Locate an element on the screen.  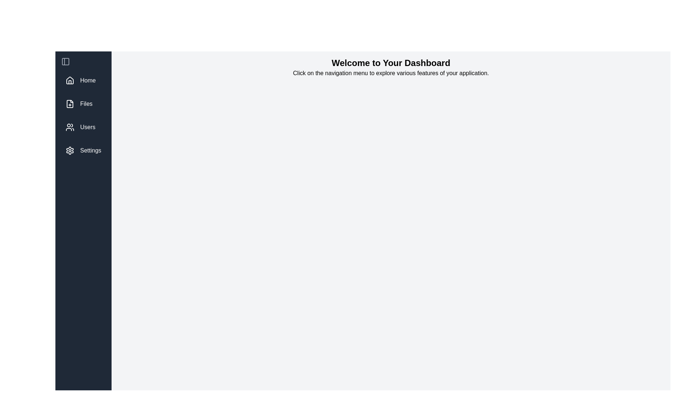
the 'Files' navigation button located below the 'Home' button and above the 'Users' button in the left sidebar is located at coordinates (83, 104).